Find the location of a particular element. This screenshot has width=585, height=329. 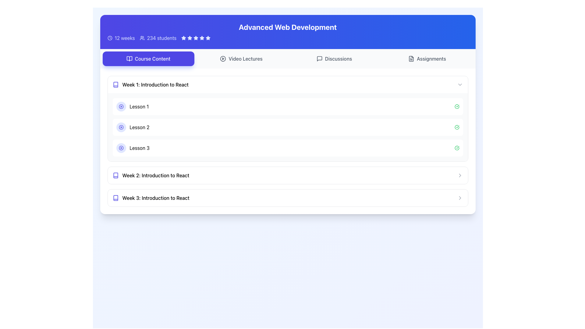

the third star in the horizontal series of five stars to rate it is located at coordinates (196, 38).